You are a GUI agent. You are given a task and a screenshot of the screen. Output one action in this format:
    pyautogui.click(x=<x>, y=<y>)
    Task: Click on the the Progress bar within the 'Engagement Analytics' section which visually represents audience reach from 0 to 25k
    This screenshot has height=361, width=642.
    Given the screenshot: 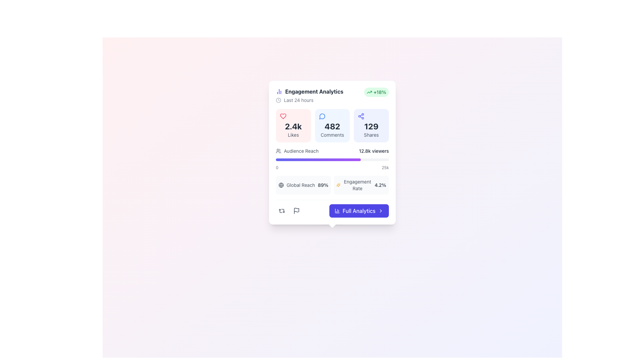 What is the action you would take?
    pyautogui.click(x=332, y=159)
    